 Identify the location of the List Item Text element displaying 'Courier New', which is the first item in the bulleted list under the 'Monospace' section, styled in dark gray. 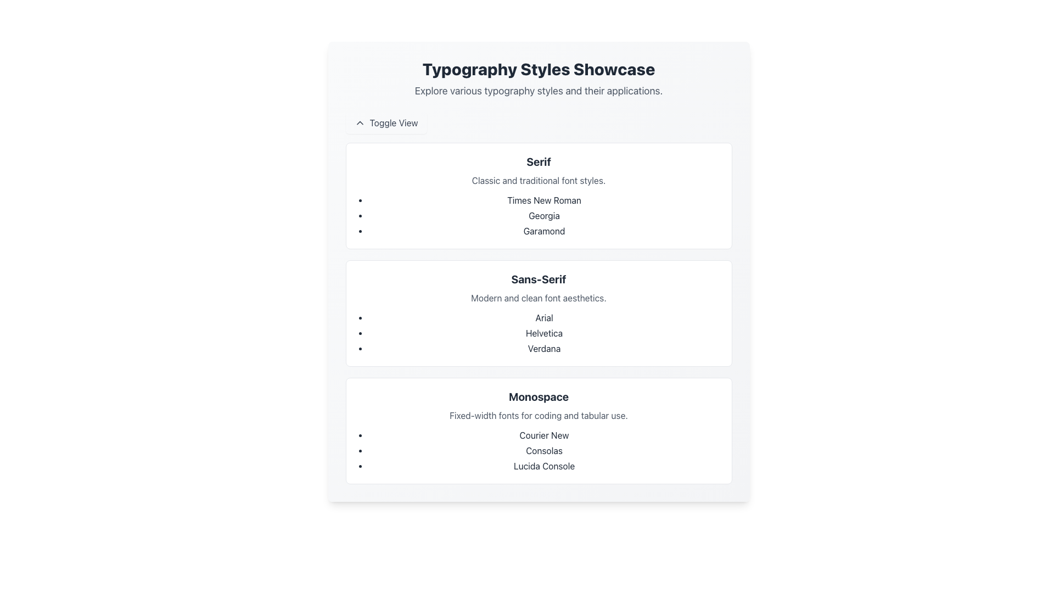
(544, 435).